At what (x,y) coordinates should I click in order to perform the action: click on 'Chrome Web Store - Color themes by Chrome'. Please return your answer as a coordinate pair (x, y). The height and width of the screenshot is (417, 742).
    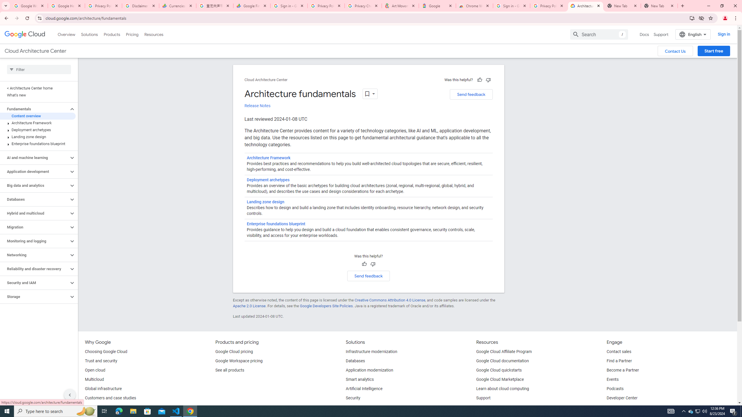
    Looking at the image, I should click on (474, 6).